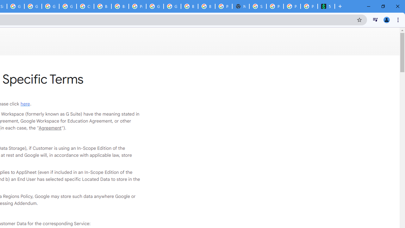 The image size is (405, 228). Describe the element at coordinates (240, 6) in the screenshot. I see `'New Tab'` at that location.